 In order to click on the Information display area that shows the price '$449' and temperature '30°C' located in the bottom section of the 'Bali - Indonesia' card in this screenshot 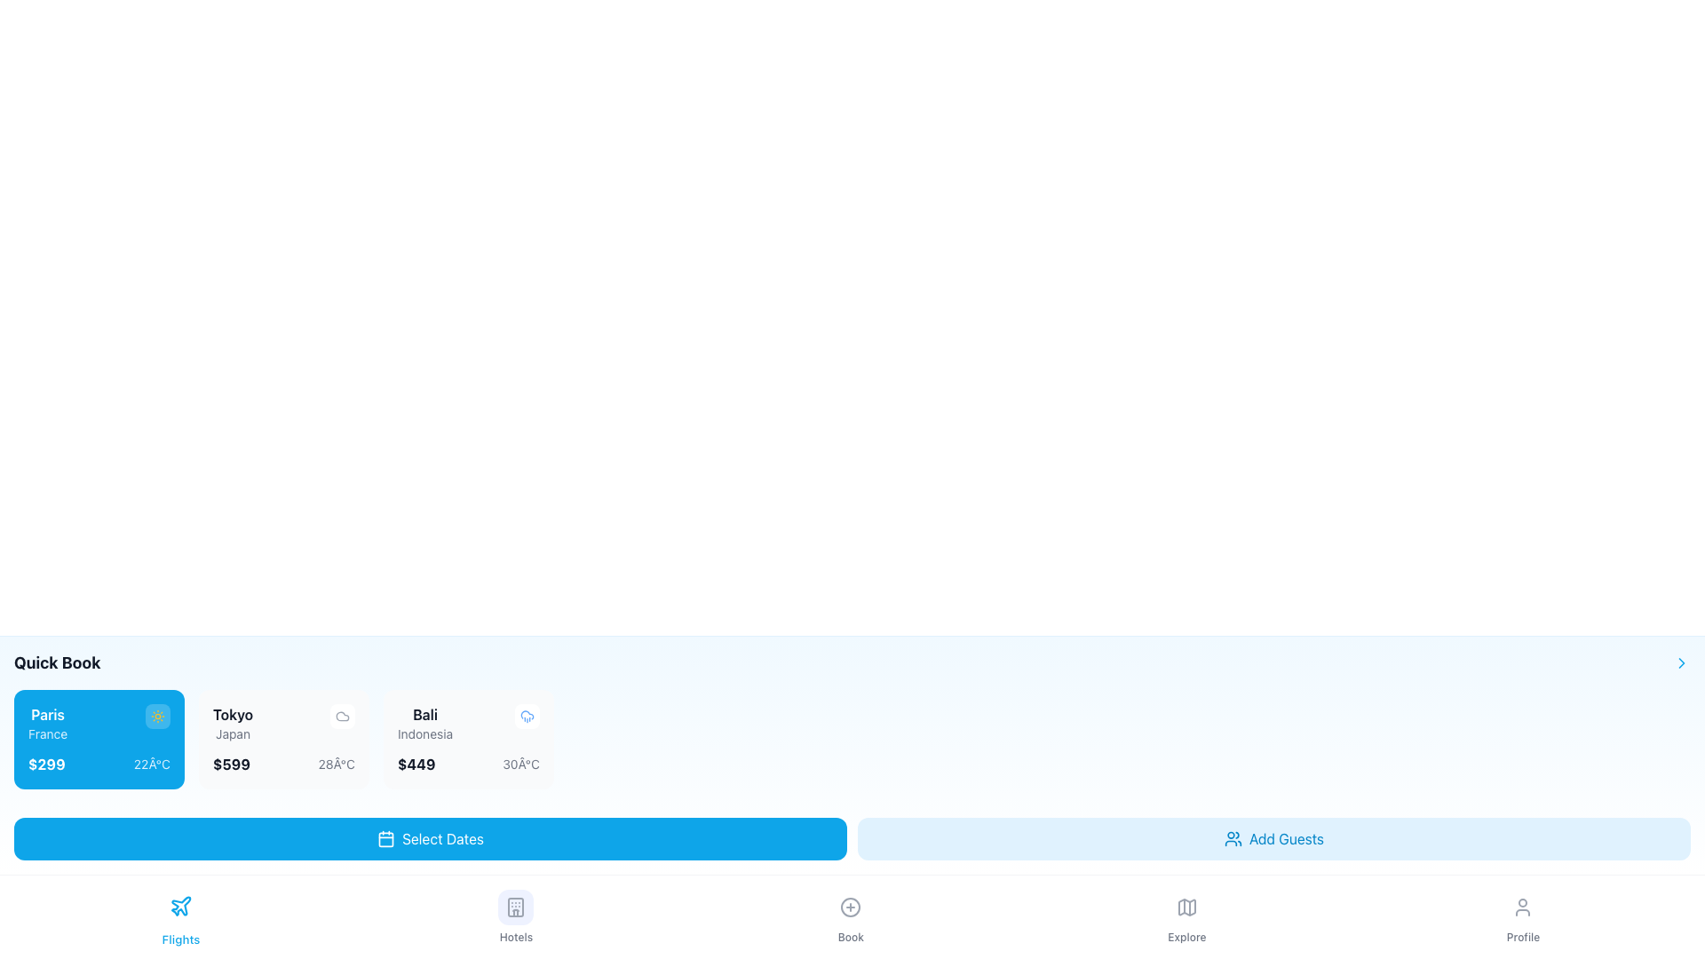, I will do `click(469, 763)`.